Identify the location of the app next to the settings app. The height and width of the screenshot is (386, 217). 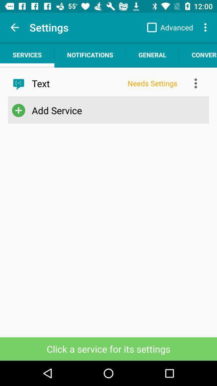
(14, 27).